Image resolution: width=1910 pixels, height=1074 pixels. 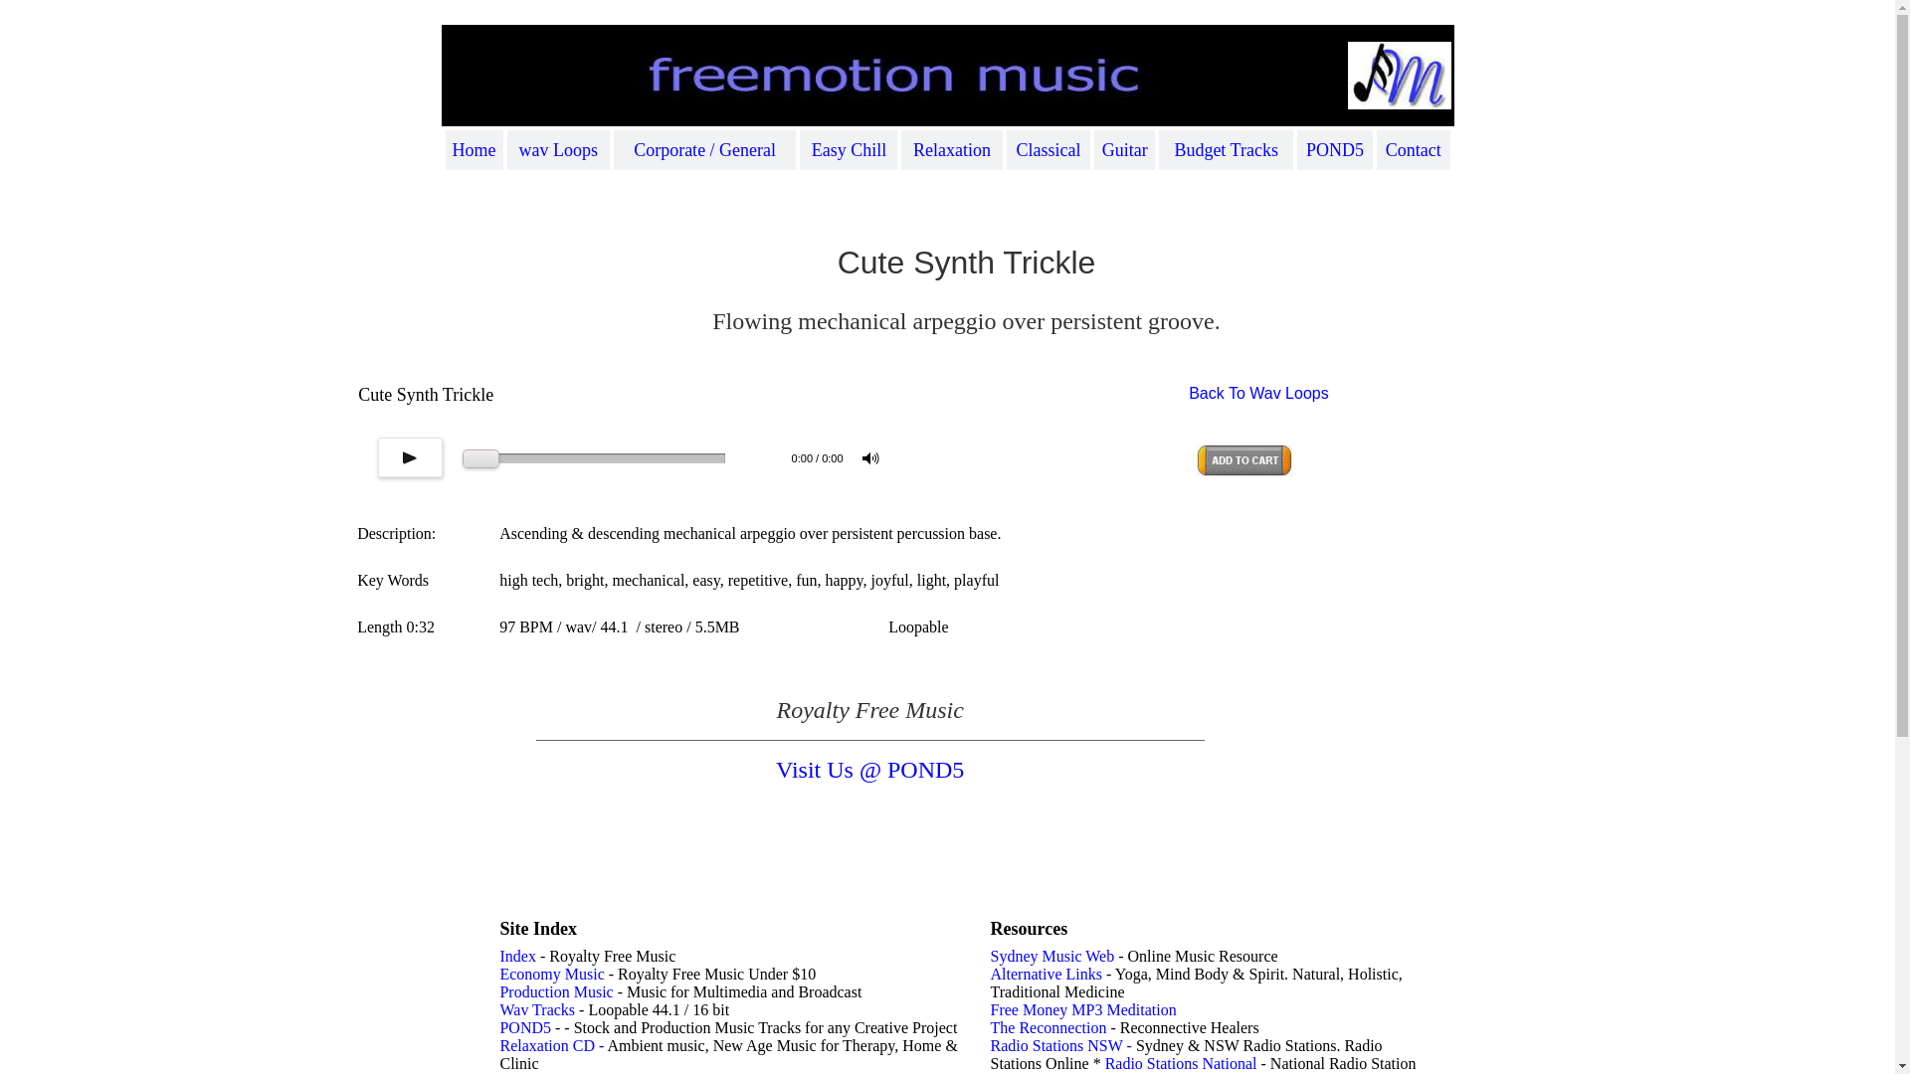 I want to click on 'The Reconnection', so click(x=1048, y=1027).